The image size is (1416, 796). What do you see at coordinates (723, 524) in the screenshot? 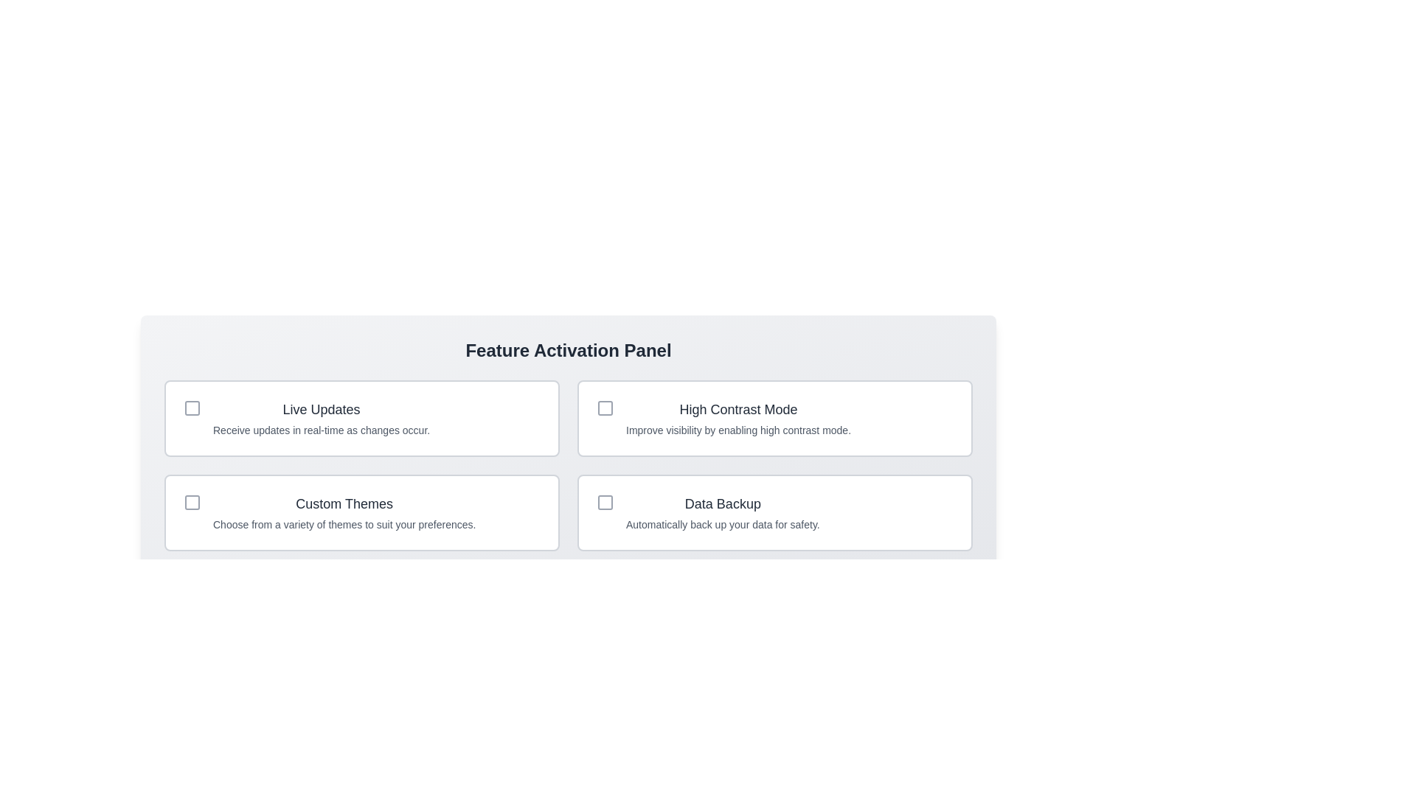
I see `the static text that reads 'Automatically back up your data for safety.' located below the bold title 'Data Backup.'` at bounding box center [723, 524].